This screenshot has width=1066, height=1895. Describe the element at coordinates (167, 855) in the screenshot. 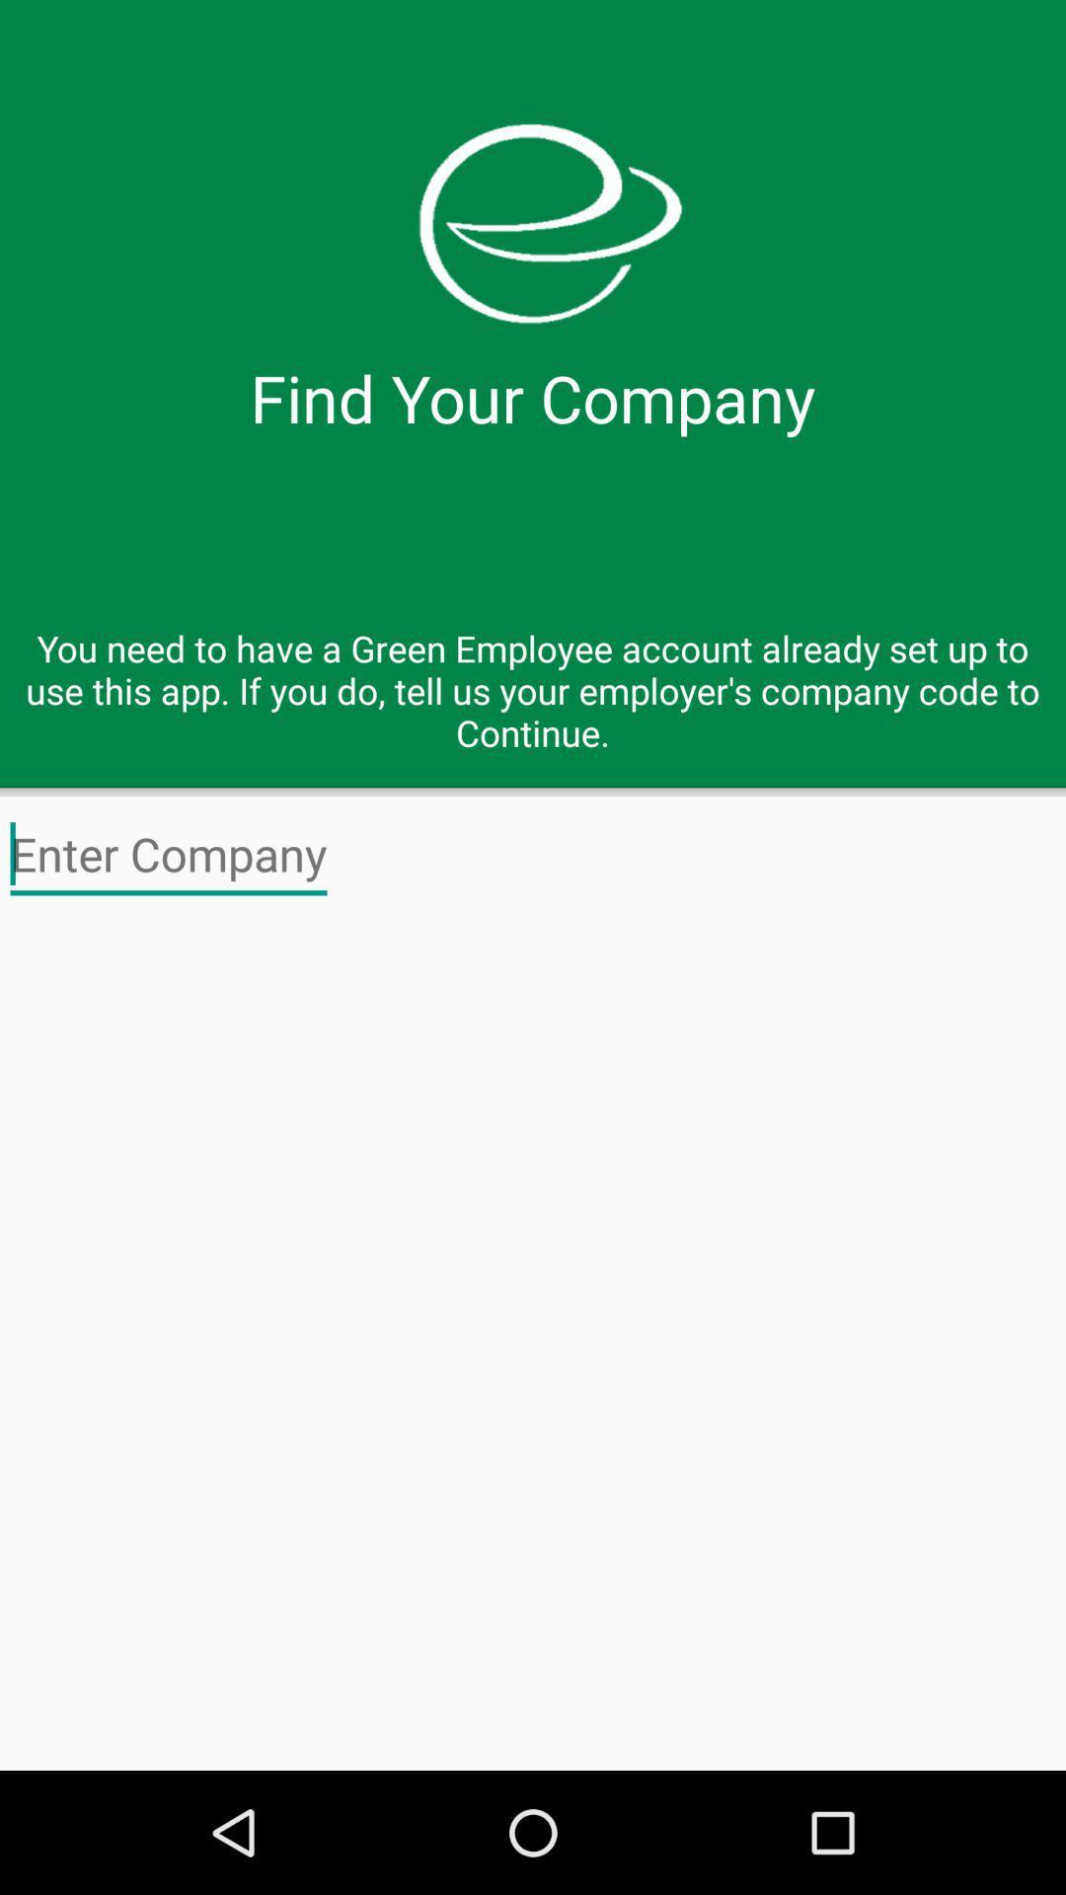

I see `test for company name` at that location.